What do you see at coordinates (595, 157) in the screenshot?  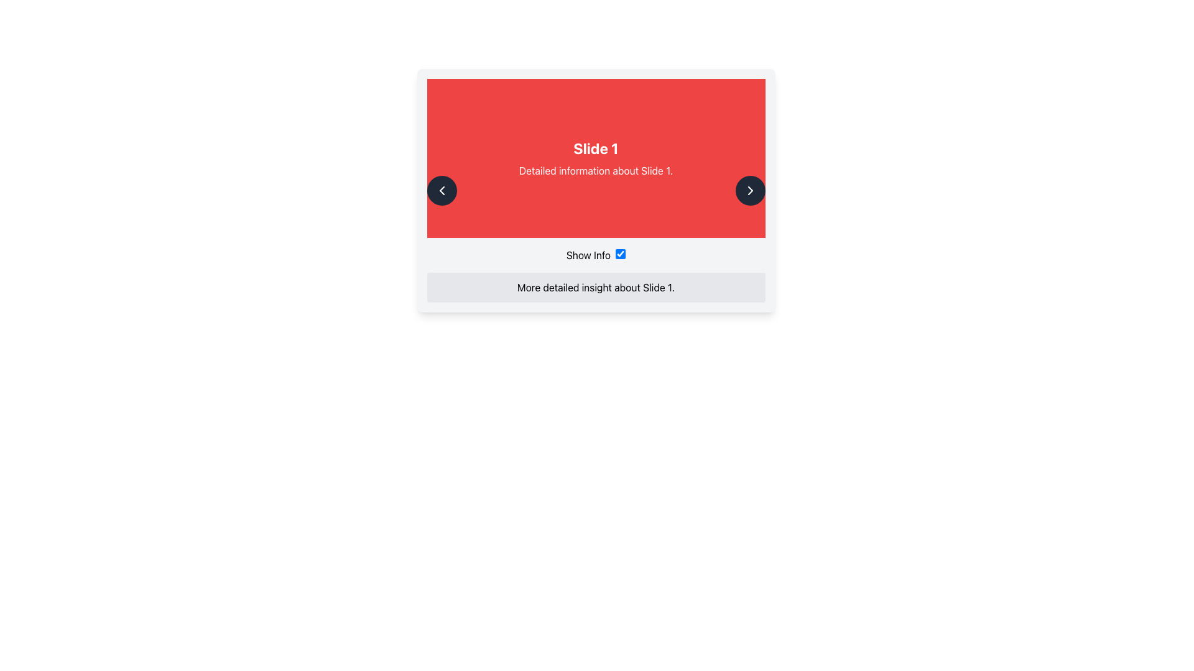 I see `the Text Display Component that shows the title 'Slide 1' and subtitle 'Detailed information about Slide 1.'` at bounding box center [595, 157].